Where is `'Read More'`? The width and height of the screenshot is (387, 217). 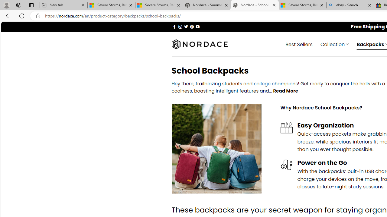
'Read More' is located at coordinates (285, 91).